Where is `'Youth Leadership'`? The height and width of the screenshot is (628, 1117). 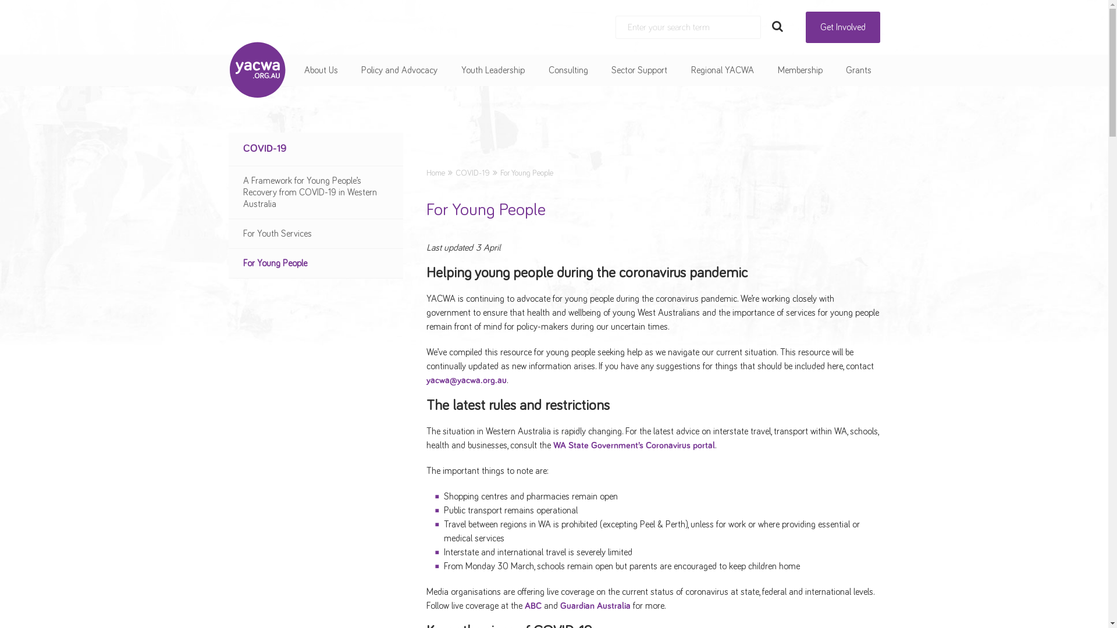
'Youth Leadership' is located at coordinates (493, 70).